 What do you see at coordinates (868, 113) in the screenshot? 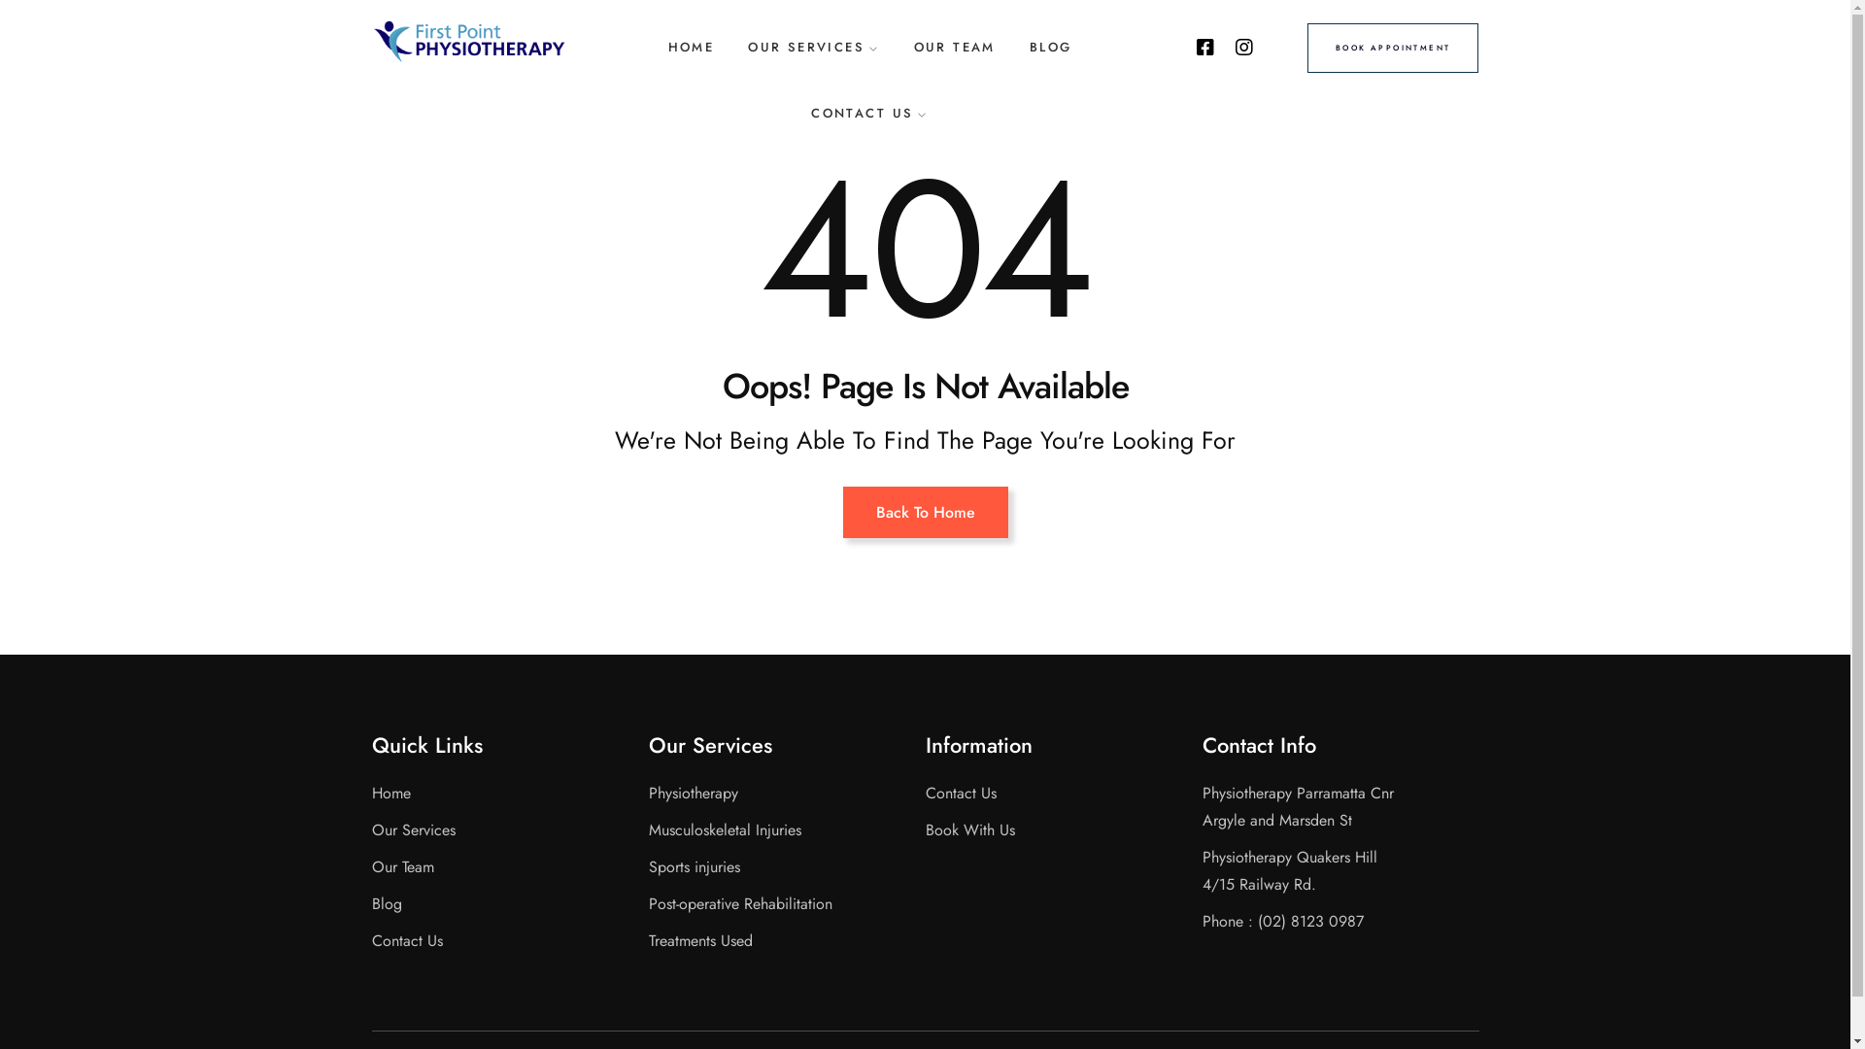
I see `'CONTACT US'` at bounding box center [868, 113].